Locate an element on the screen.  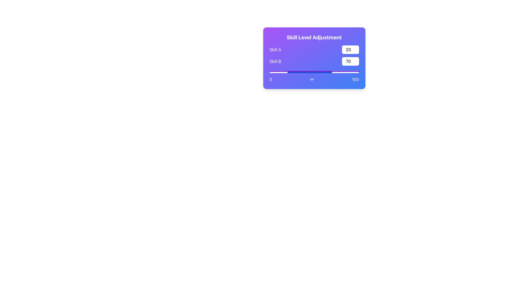
the non-interactive text label located in the top-left corner of the 'Skill Level Adjustment' card interface, which describes the associated numeric input field to its right is located at coordinates (275, 49).